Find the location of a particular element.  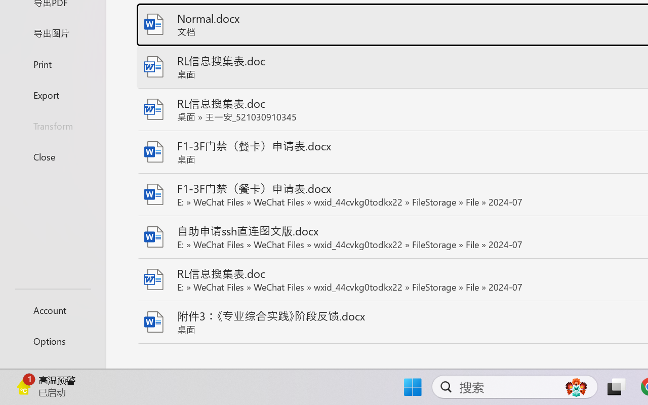

'Export' is located at coordinates (52, 94).